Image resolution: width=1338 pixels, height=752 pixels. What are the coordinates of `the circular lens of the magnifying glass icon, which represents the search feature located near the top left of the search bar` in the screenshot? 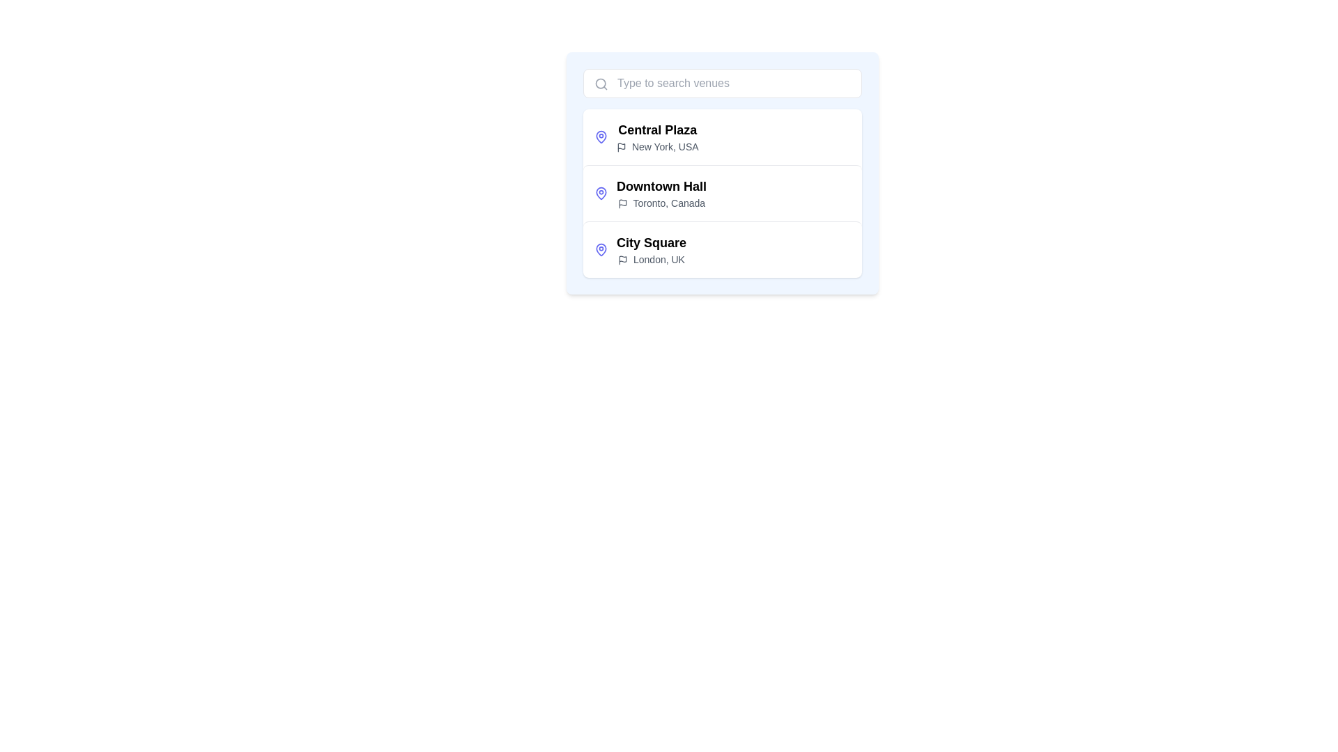 It's located at (601, 84).